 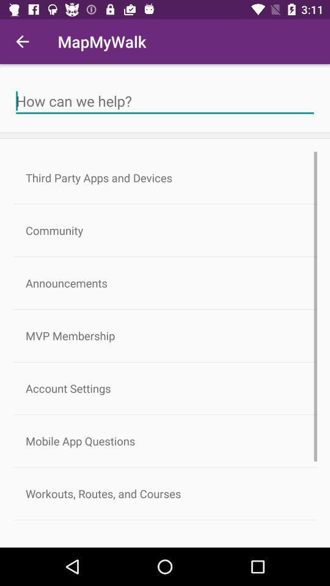 What do you see at coordinates (165, 283) in the screenshot?
I see `the item below community` at bounding box center [165, 283].